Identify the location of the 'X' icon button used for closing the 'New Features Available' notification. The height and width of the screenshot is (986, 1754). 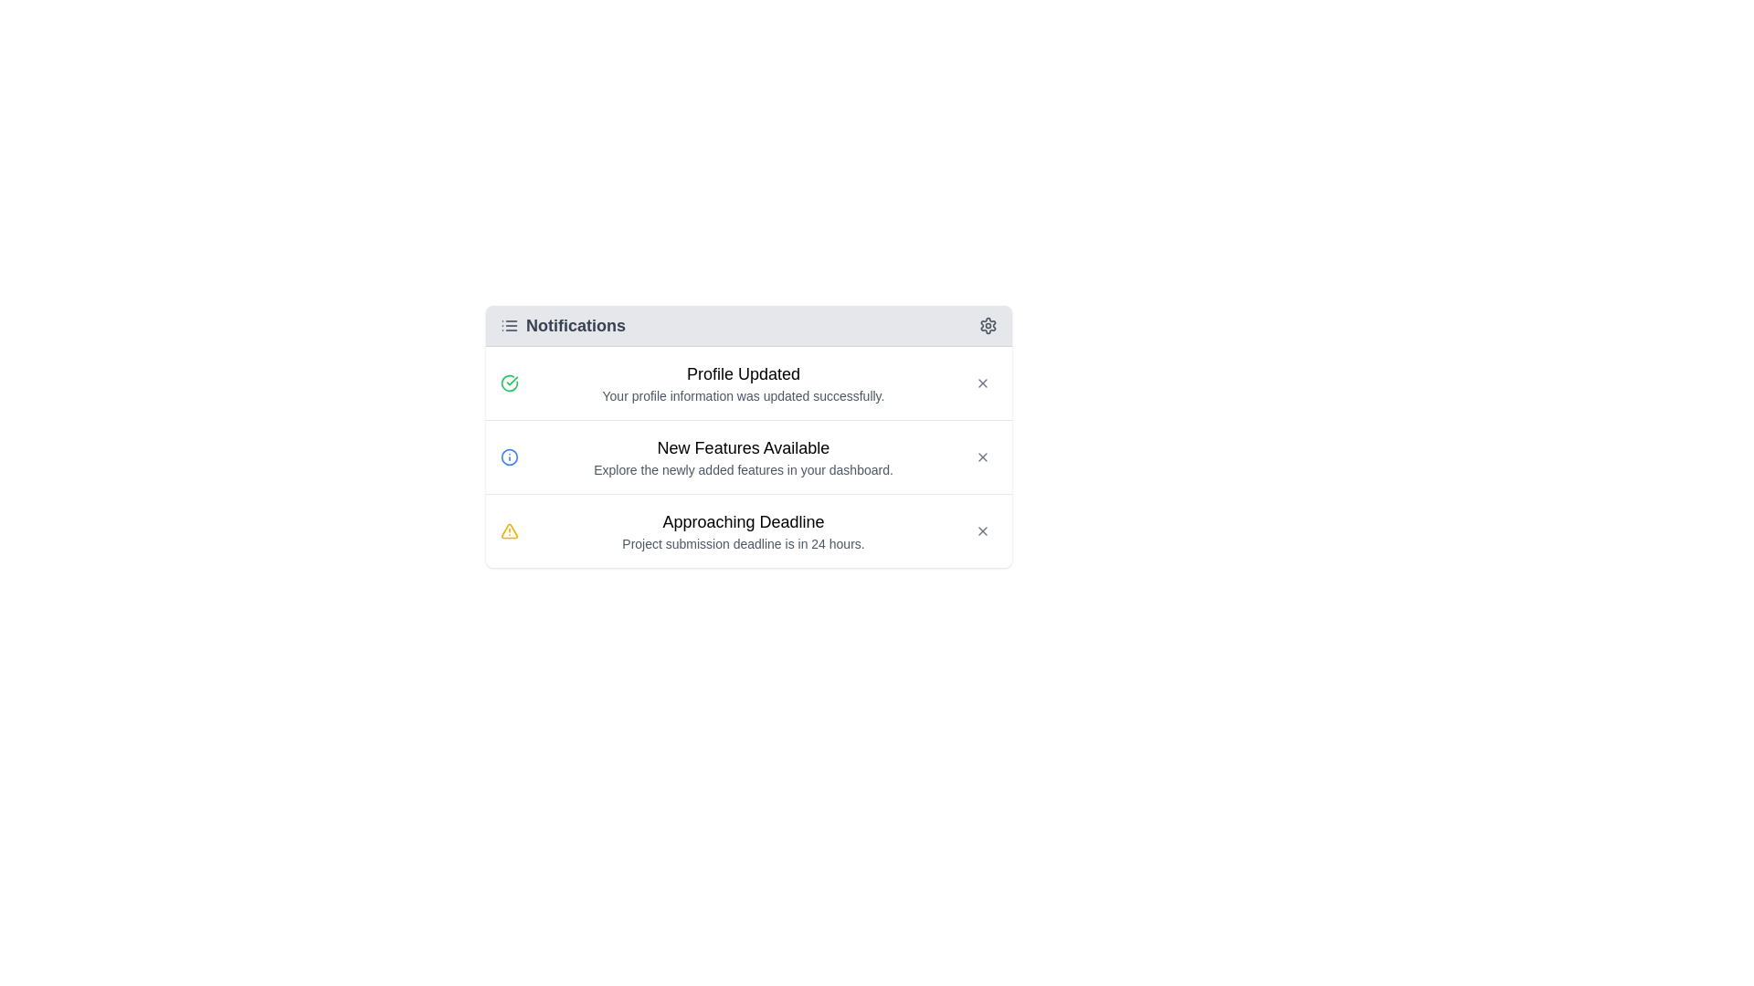
(981, 456).